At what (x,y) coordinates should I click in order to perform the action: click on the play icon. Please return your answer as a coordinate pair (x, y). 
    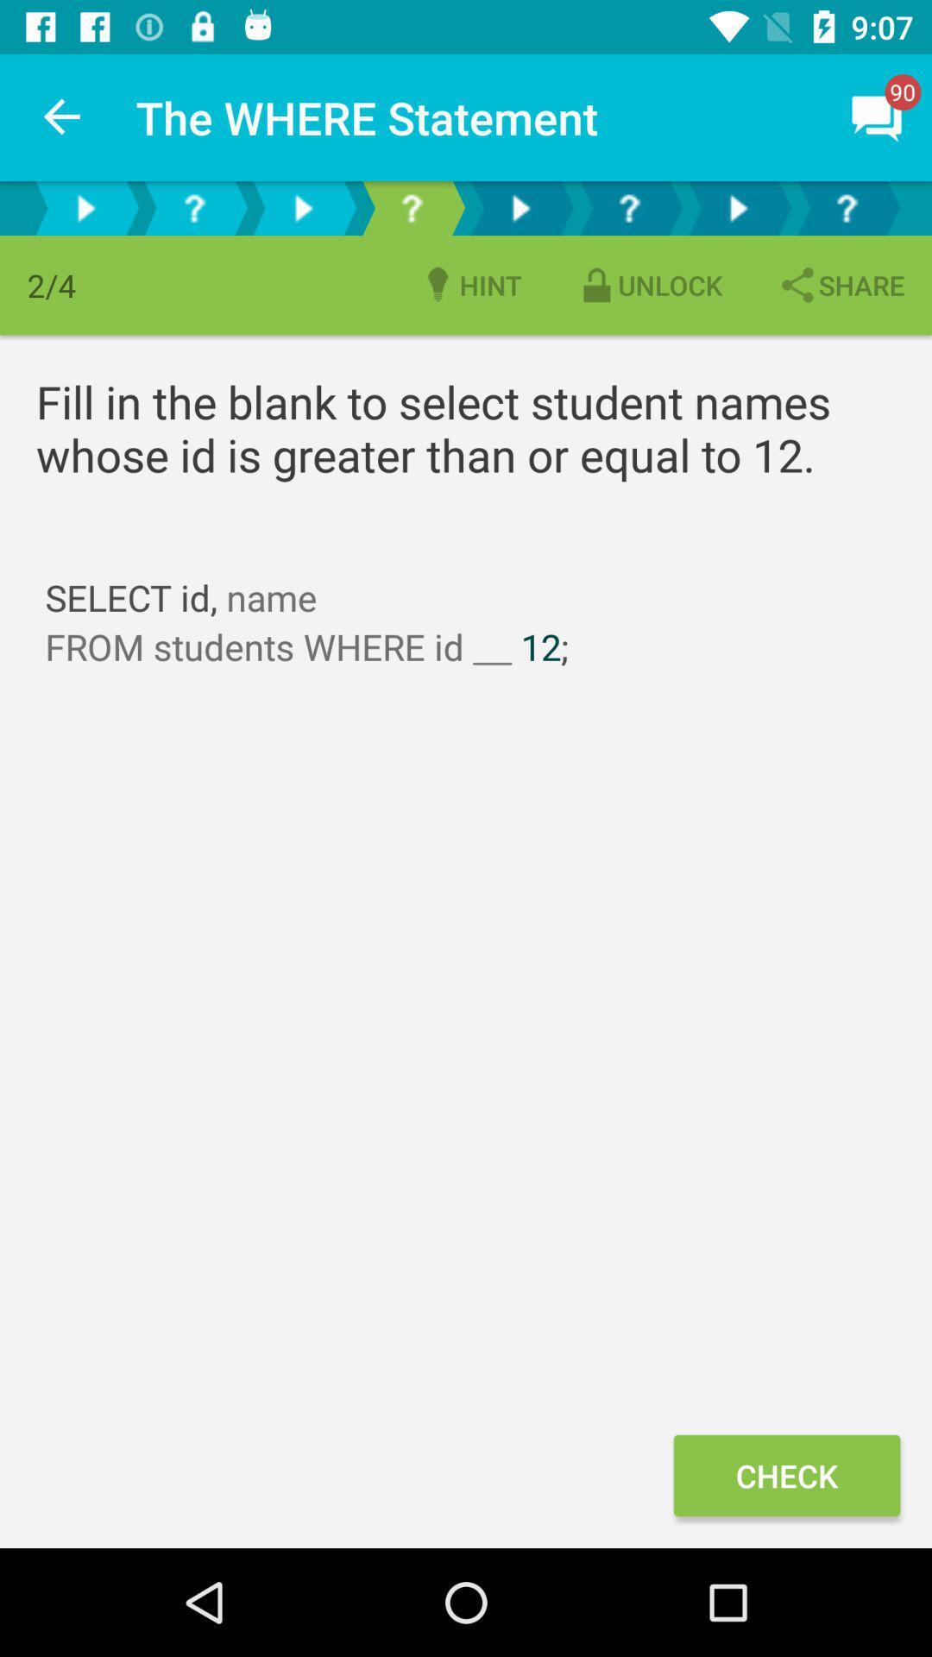
    Looking at the image, I should click on (85, 207).